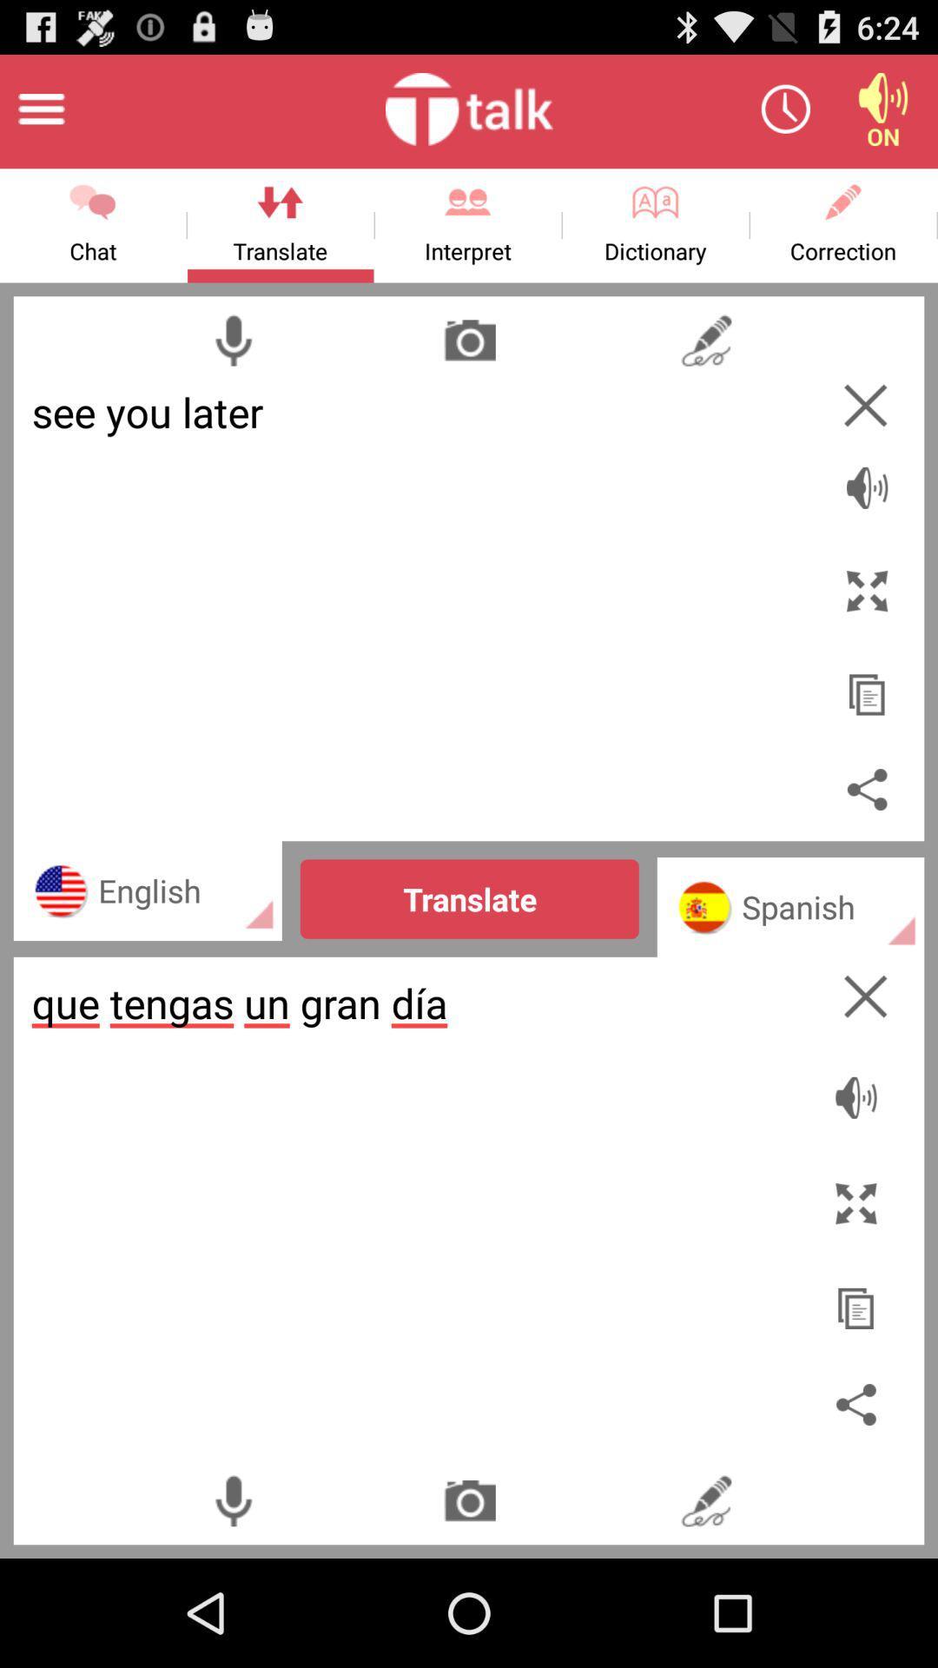 This screenshot has width=938, height=1668. I want to click on the time icon, so click(785, 116).